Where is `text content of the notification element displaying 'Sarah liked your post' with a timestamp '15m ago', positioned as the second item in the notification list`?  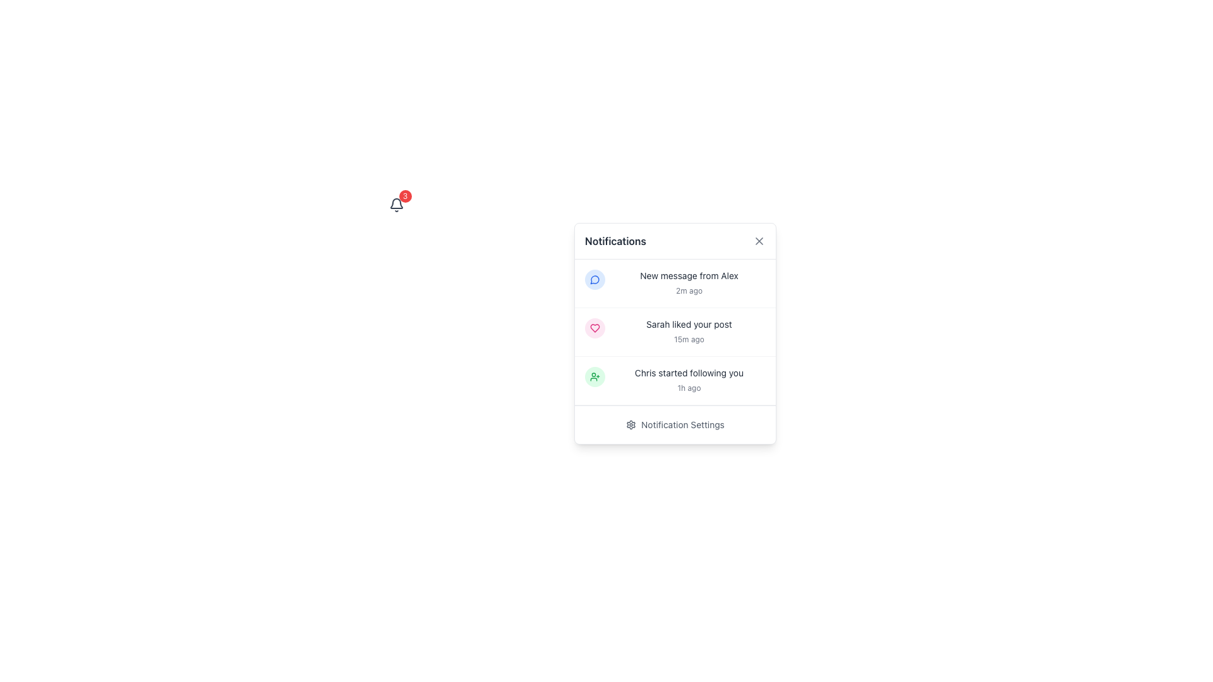 text content of the notification element displaying 'Sarah liked your post' with a timestamp '15m ago', positioned as the second item in the notification list is located at coordinates (688, 331).